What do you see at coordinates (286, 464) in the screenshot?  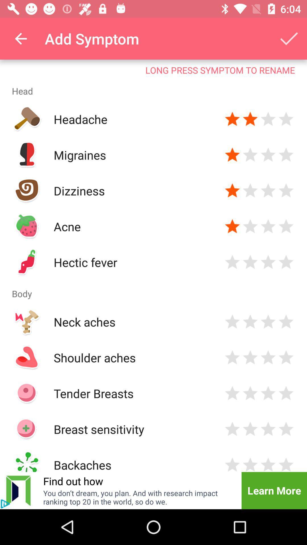 I see `option for rate` at bounding box center [286, 464].